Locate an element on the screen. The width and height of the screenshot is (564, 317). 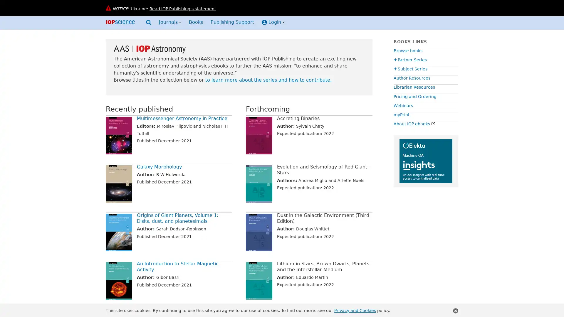
Search is located at coordinates (148, 23).